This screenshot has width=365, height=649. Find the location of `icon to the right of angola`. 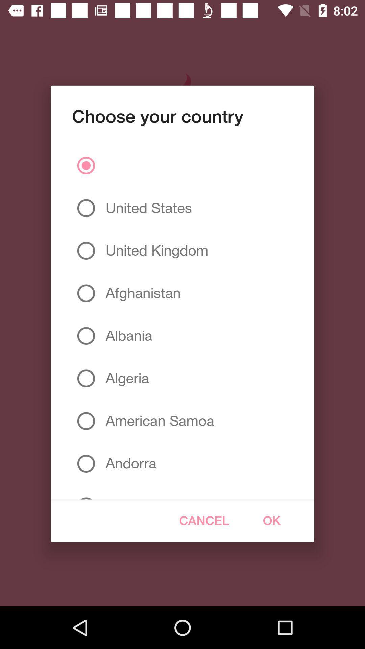

icon to the right of angola is located at coordinates (204, 520).